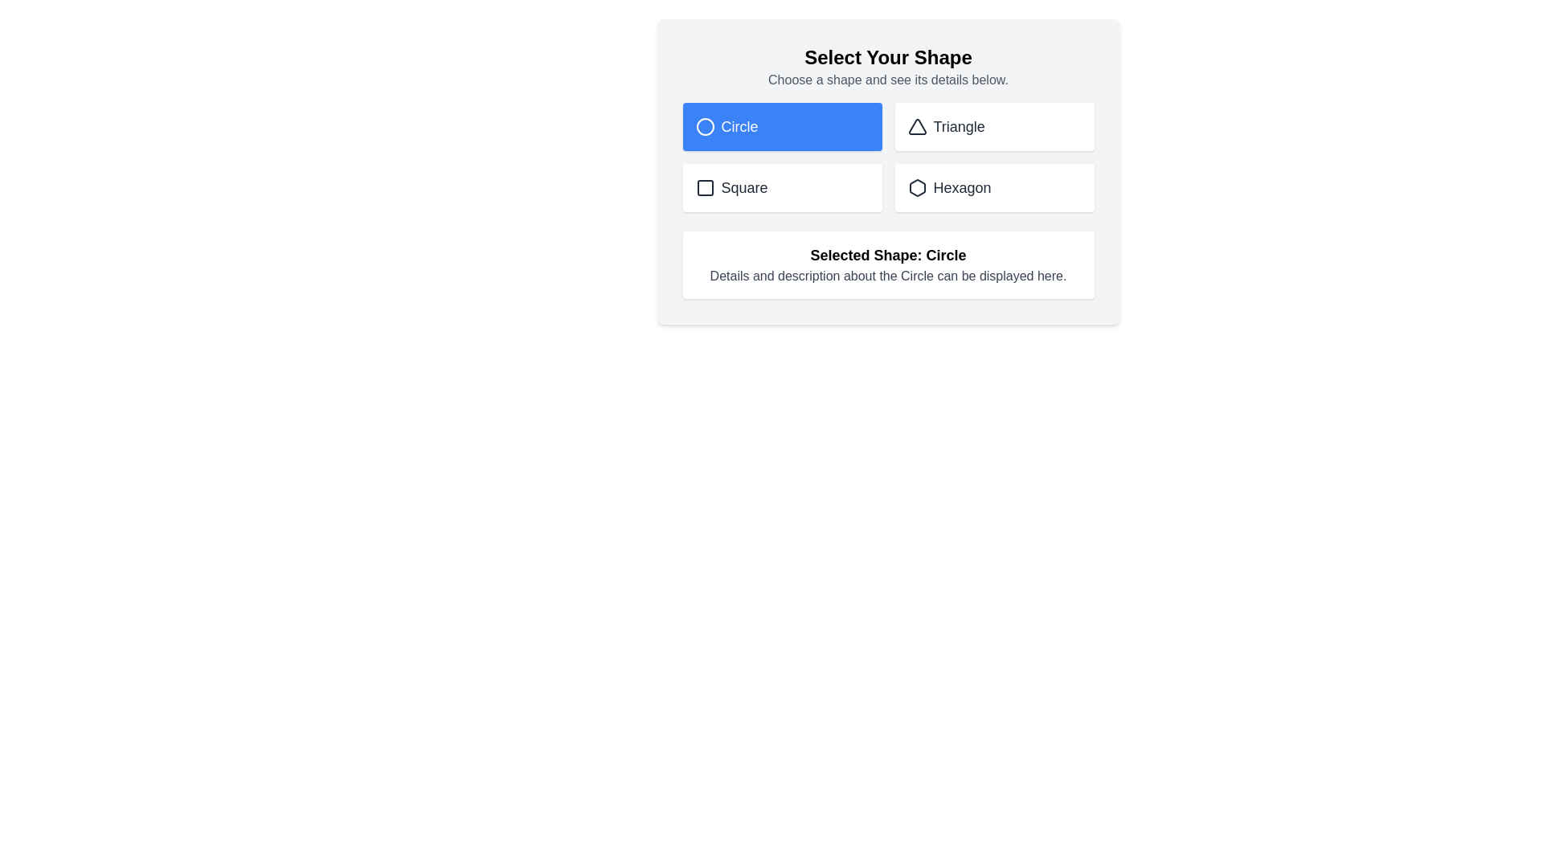 Image resolution: width=1543 pixels, height=868 pixels. What do you see at coordinates (959, 126) in the screenshot?
I see `the text label displaying 'Triangle' in bold font, which is positioned within a rectangular button at the top section of the interface, slightly to the right of a triangle icon` at bounding box center [959, 126].